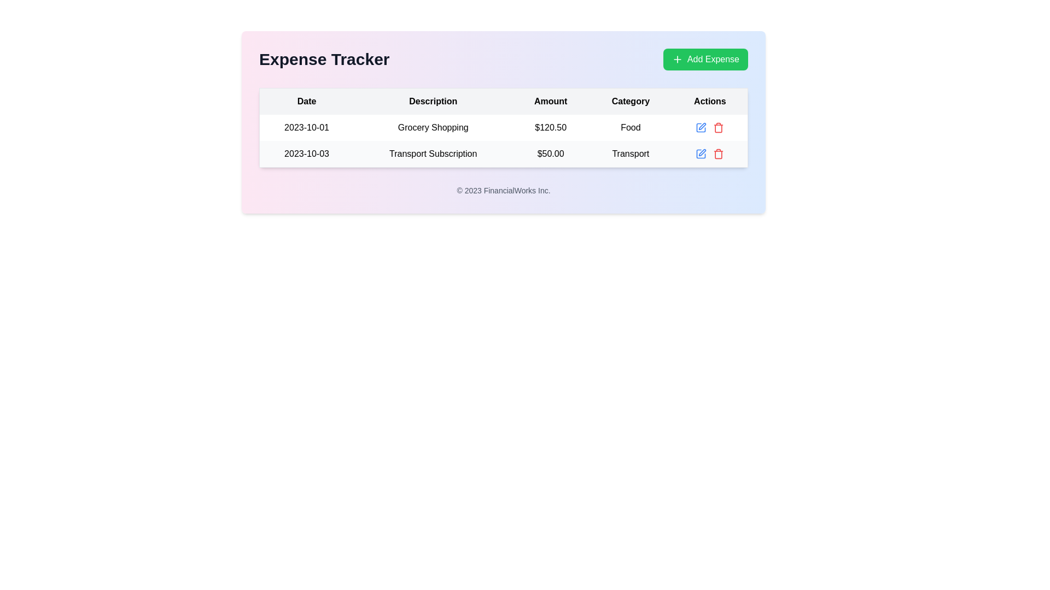 The image size is (1050, 590). Describe the element at coordinates (676, 59) in the screenshot. I see `the 'Add Expense' button that contains the icon representing the action` at that location.